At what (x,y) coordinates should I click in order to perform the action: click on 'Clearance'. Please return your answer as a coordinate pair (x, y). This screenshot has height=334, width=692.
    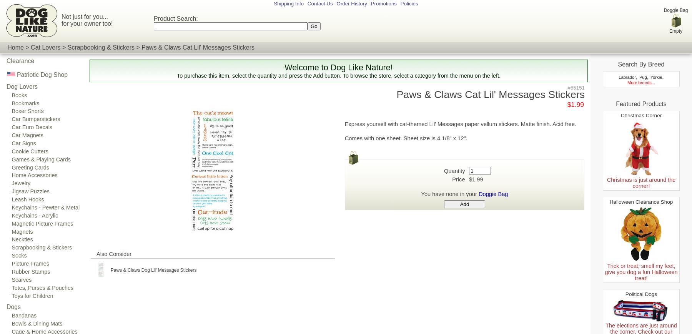
    Looking at the image, I should click on (6, 60).